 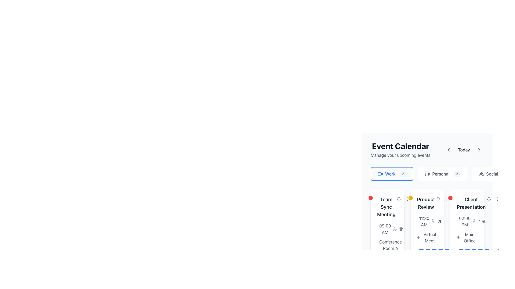 I want to click on the video camera icon located to the left of the 'Work 3' button in the calendar category selection section, so click(x=380, y=174).